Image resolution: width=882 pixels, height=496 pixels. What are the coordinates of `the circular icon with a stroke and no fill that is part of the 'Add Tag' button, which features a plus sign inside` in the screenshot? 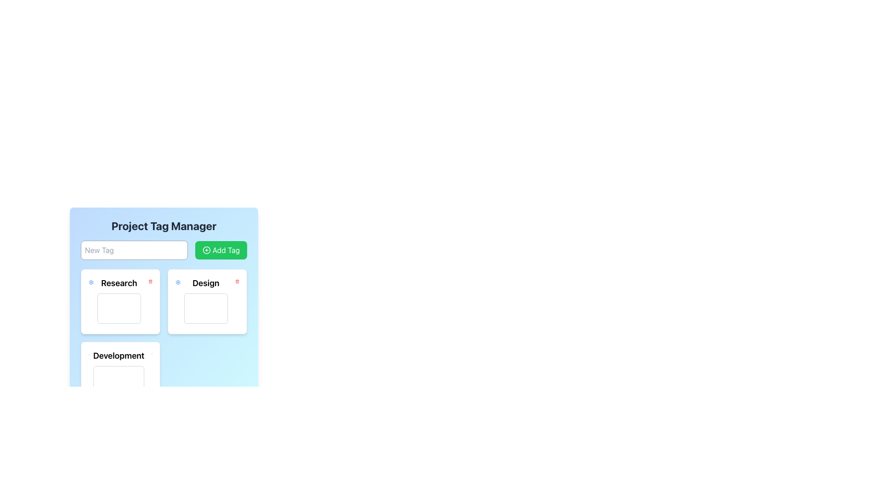 It's located at (206, 250).